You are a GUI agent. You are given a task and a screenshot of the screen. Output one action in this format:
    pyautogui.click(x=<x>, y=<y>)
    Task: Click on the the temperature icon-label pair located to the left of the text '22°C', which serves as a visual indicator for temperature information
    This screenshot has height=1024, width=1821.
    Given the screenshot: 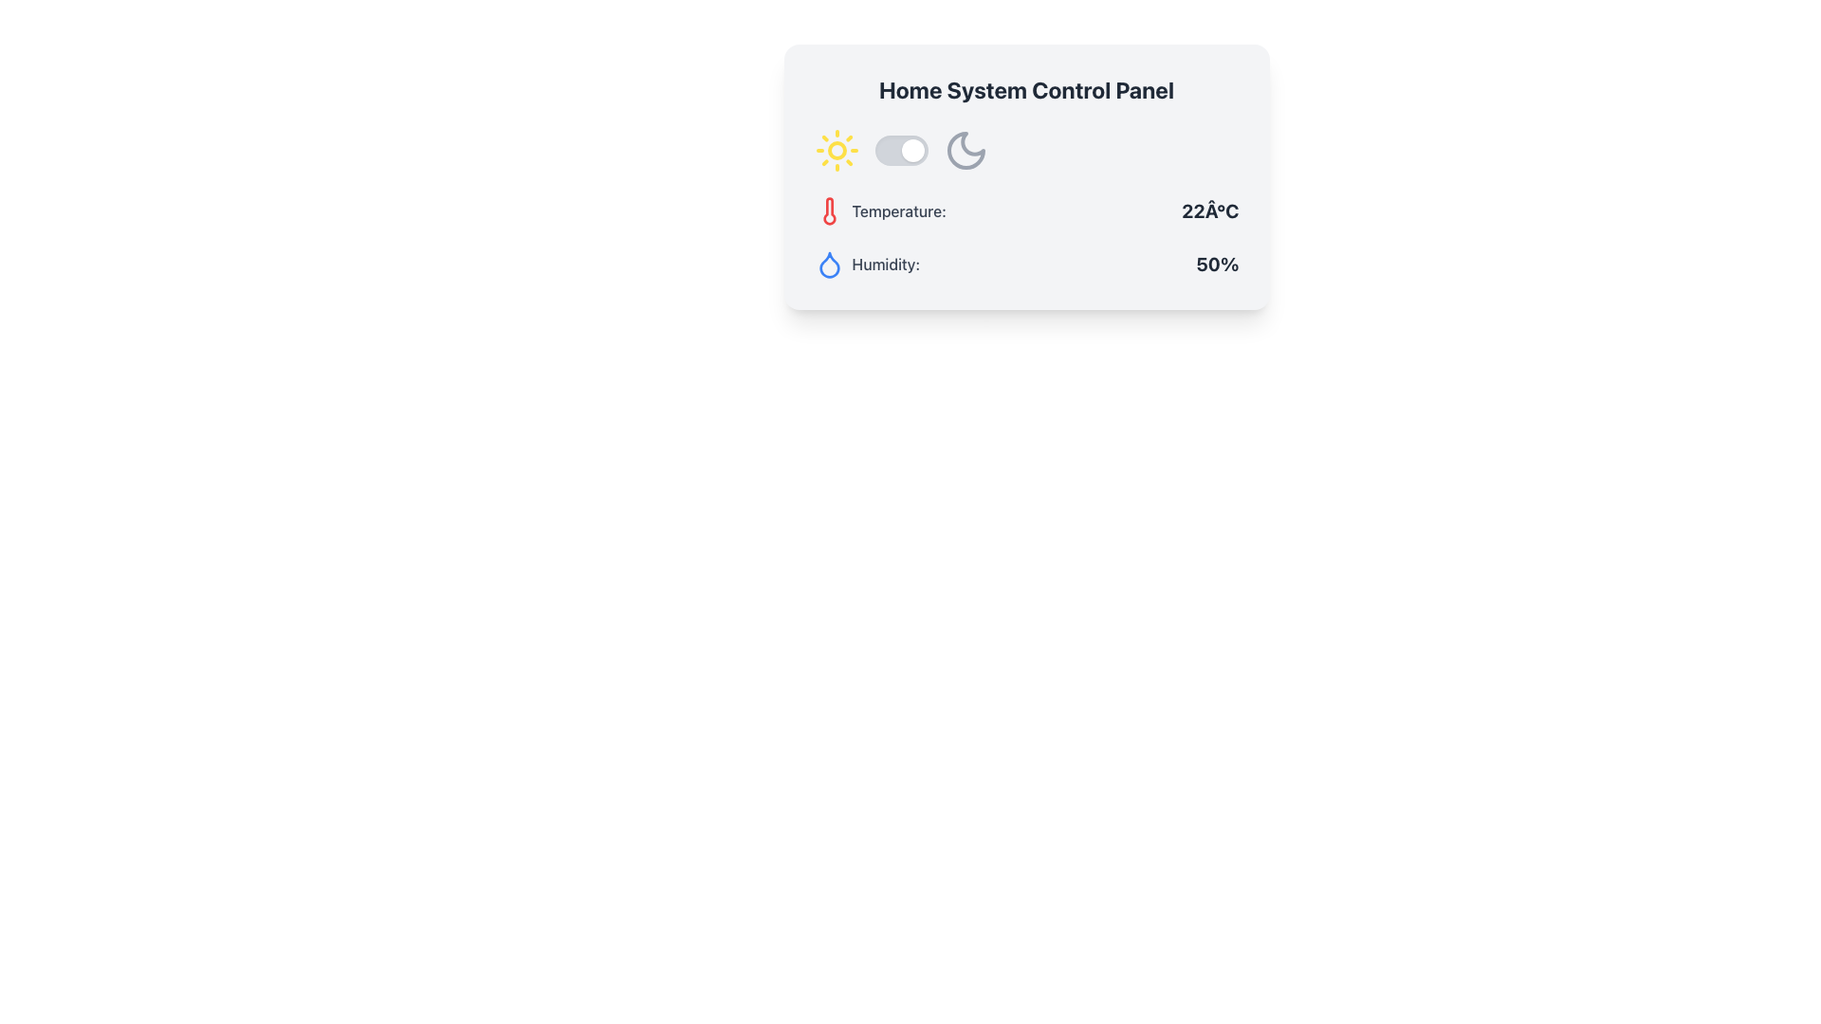 What is the action you would take?
    pyautogui.click(x=878, y=211)
    